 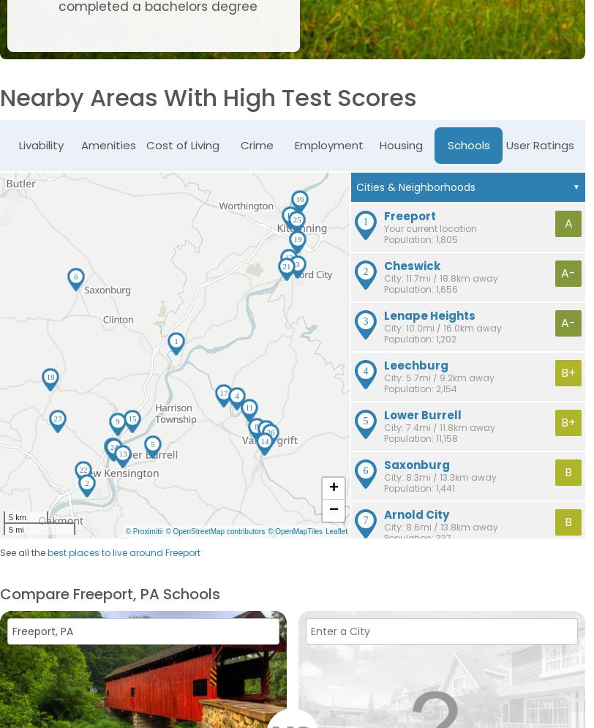 I want to click on 'City: 7.4mi / 11.8km away', so click(x=384, y=427).